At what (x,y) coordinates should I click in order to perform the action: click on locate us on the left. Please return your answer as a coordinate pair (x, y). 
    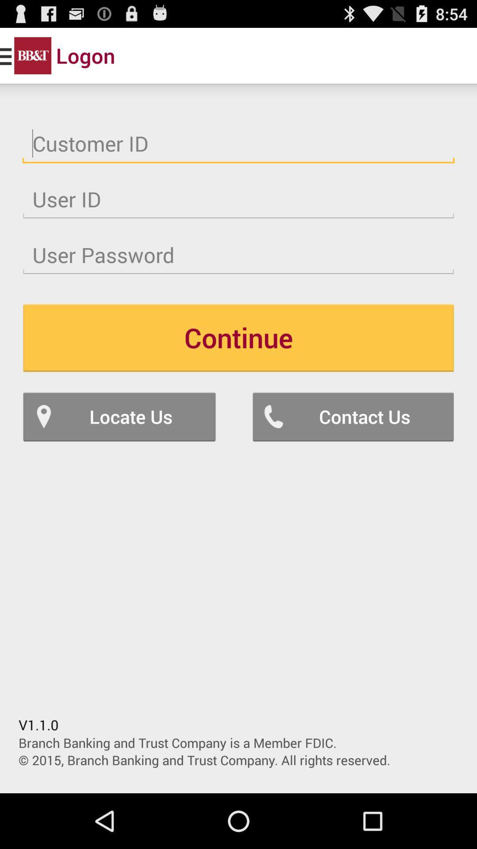
    Looking at the image, I should click on (119, 416).